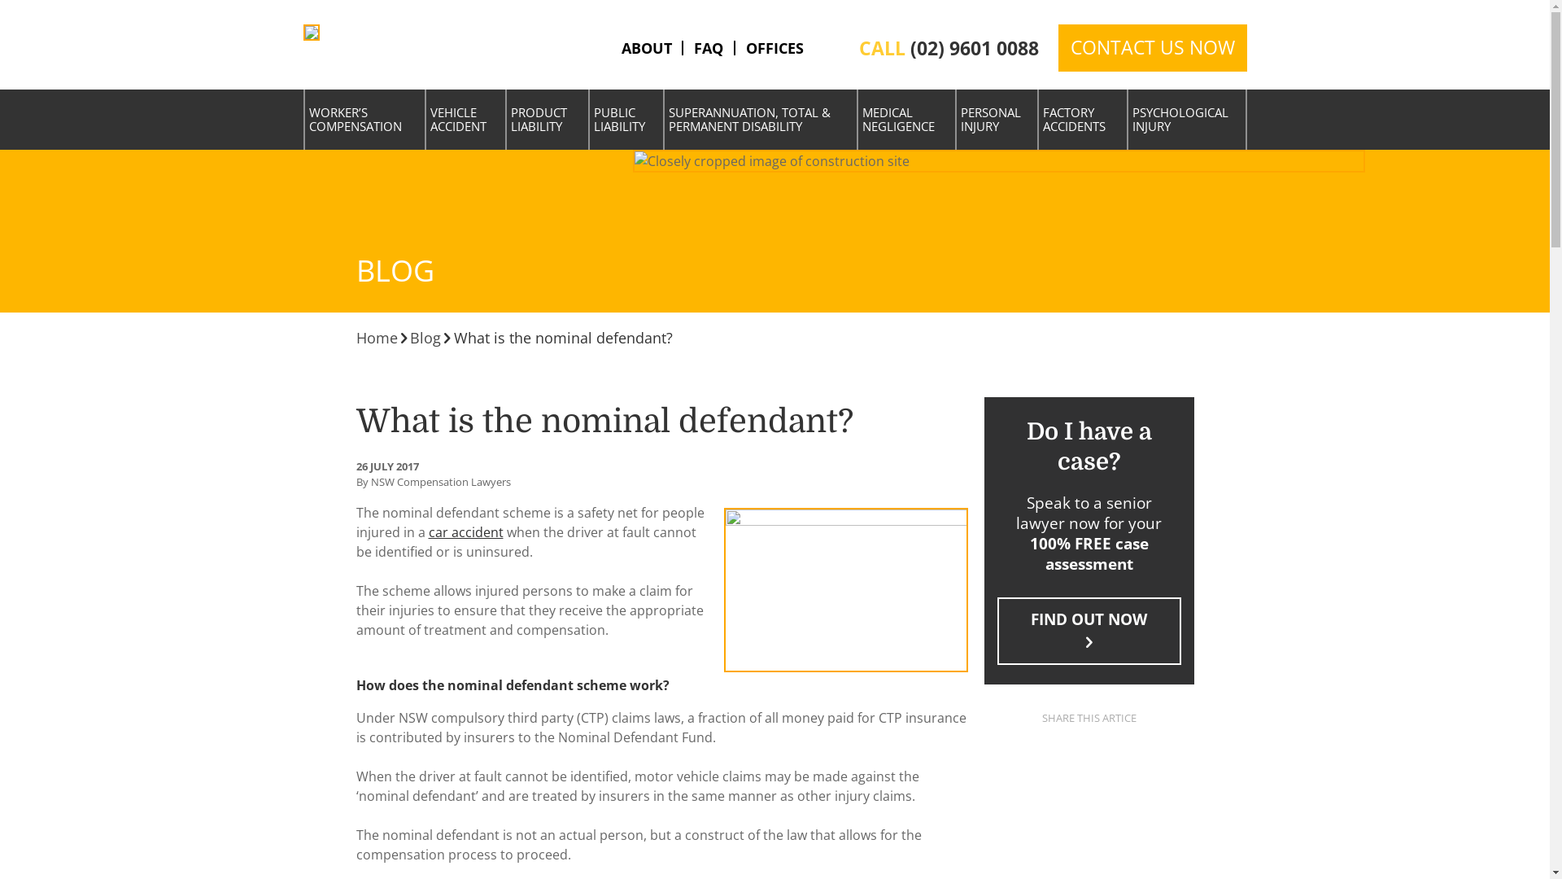 The height and width of the screenshot is (879, 1562). Describe the element at coordinates (996, 630) in the screenshot. I see `'FIND OUT NOW'` at that location.